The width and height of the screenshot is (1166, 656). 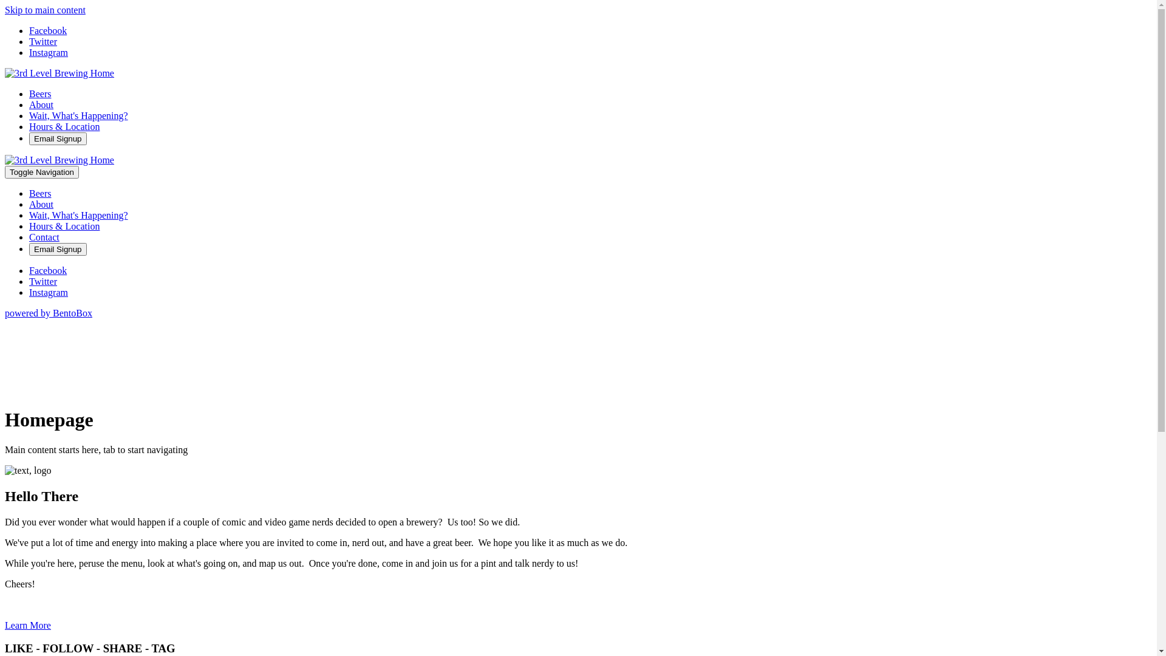 What do you see at coordinates (29, 30) in the screenshot?
I see `'Facebook'` at bounding box center [29, 30].